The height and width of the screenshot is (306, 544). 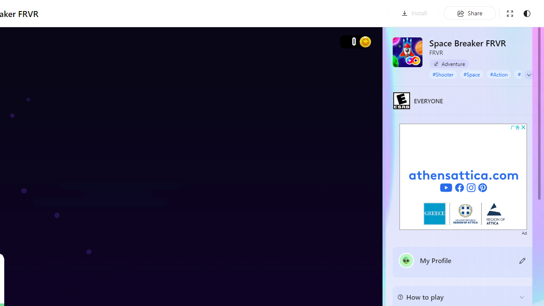 I want to click on 'Exit full screen', so click(x=510, y=13).